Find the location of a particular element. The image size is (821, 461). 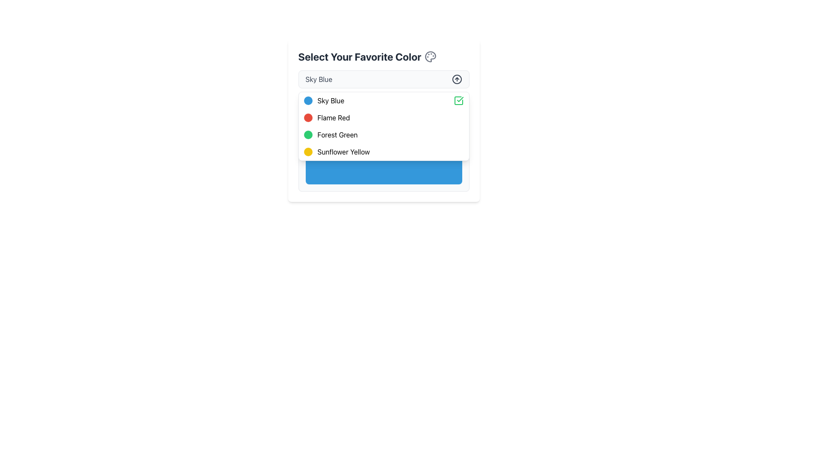

the 'Sky Blue' option in the dropdown menu, which is currently selected as indicated by the green checkmark is located at coordinates (383, 100).